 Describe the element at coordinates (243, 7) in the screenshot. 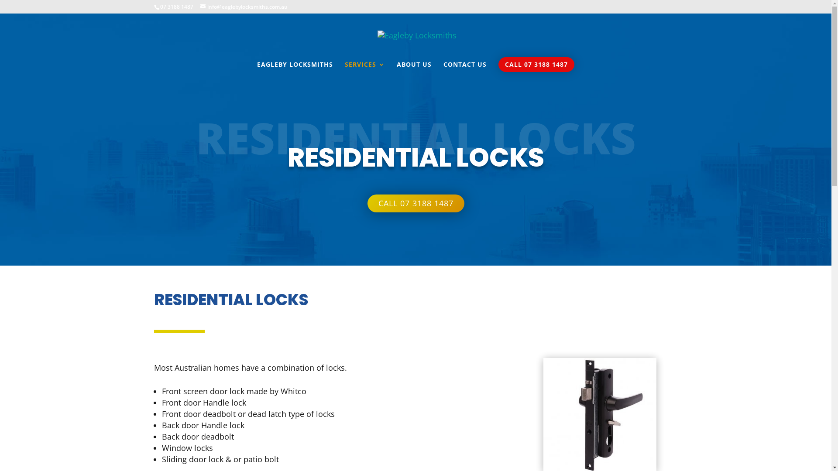

I see `'info@eaglebylocksmiths.com.au'` at that location.